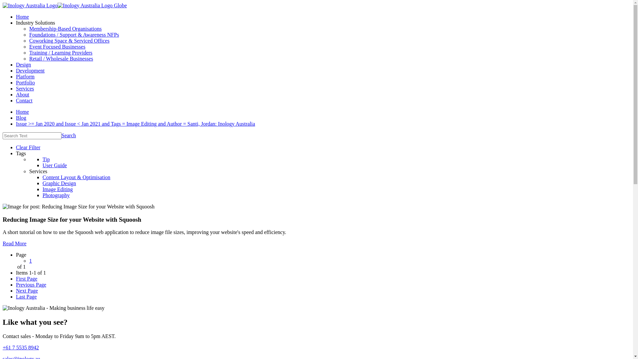 This screenshot has height=359, width=638. I want to click on 'Development', so click(30, 70).